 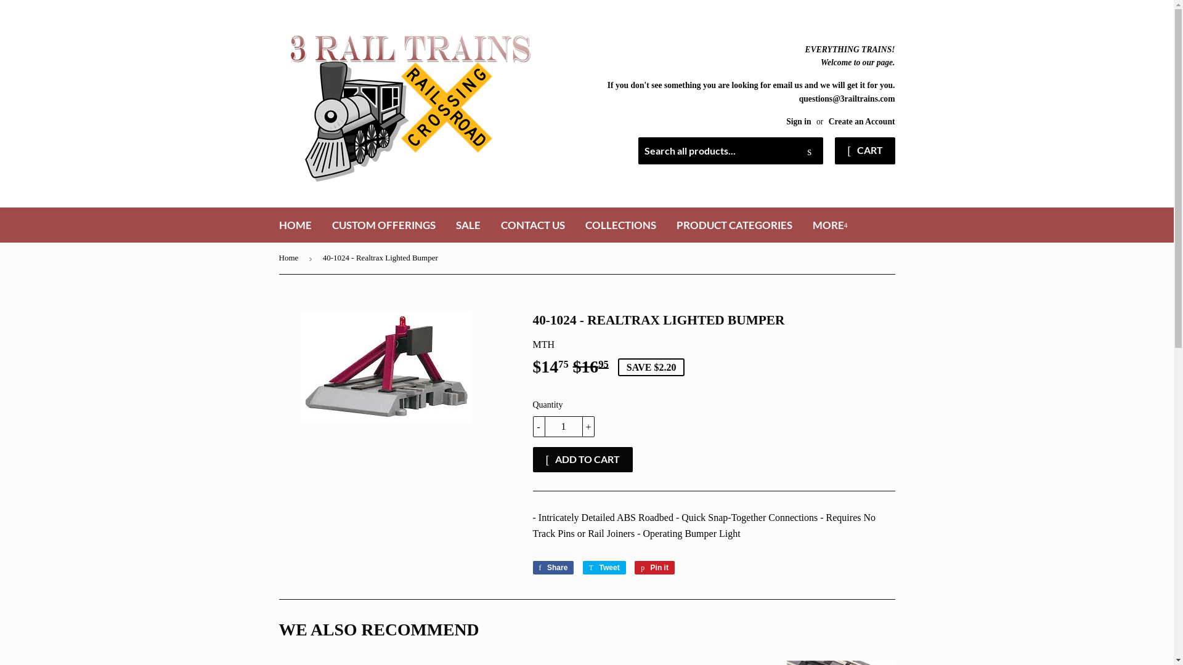 I want to click on 'CONTACT US', so click(x=490, y=225).